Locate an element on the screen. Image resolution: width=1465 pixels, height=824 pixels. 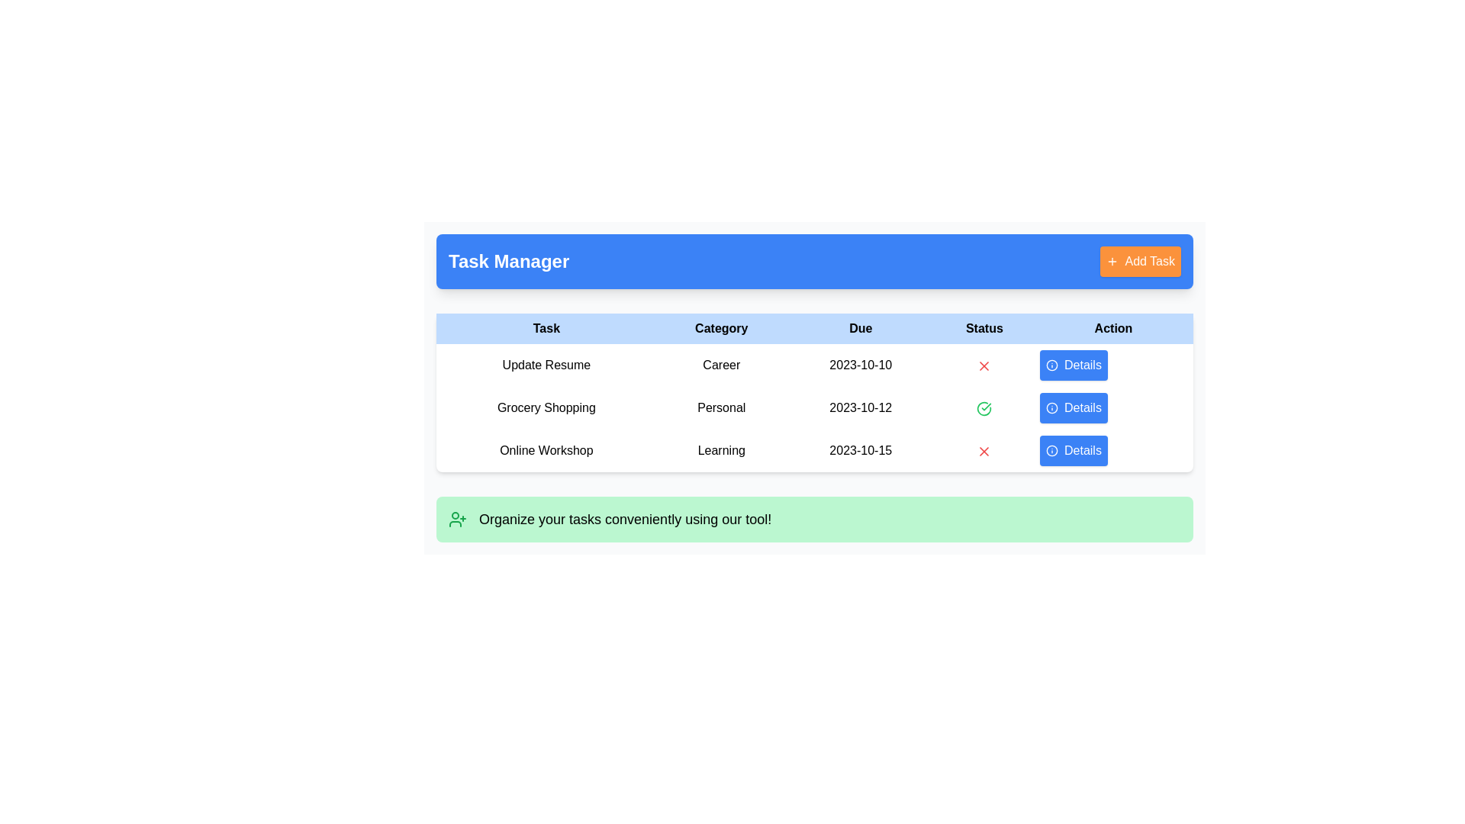
the informational indicator icon located in the second row of the 'Action' column under the 'Details' button is located at coordinates (1051, 407).